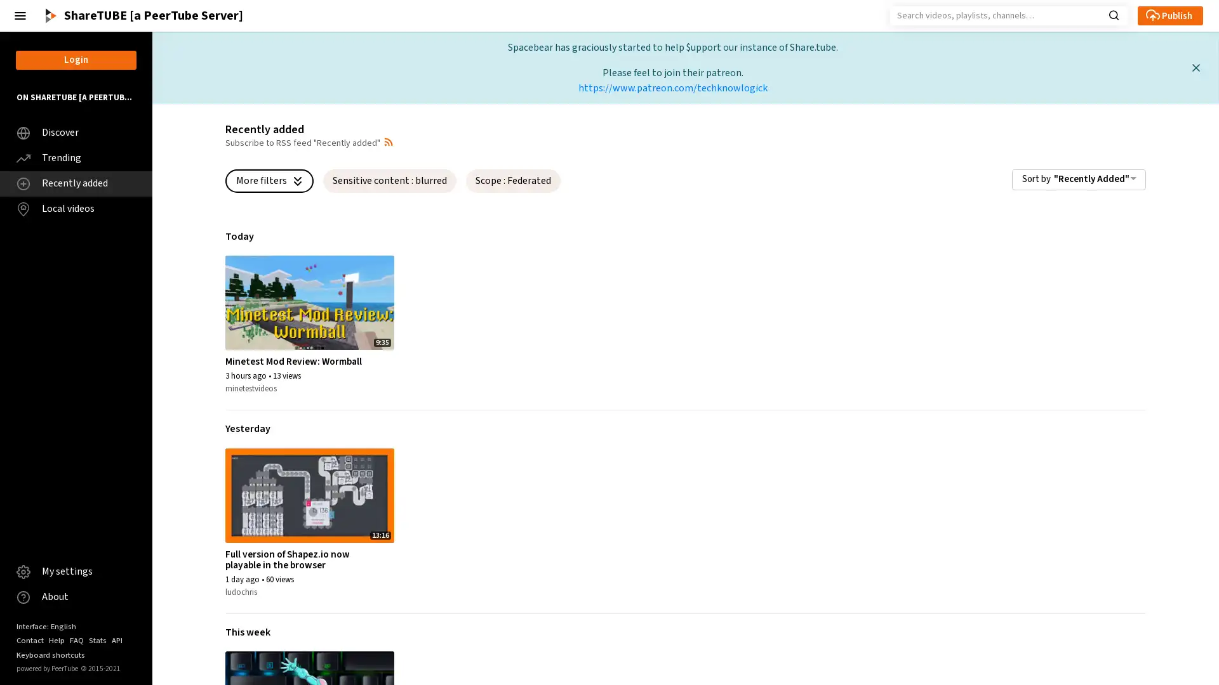  I want to click on Interface: English, so click(46, 625).